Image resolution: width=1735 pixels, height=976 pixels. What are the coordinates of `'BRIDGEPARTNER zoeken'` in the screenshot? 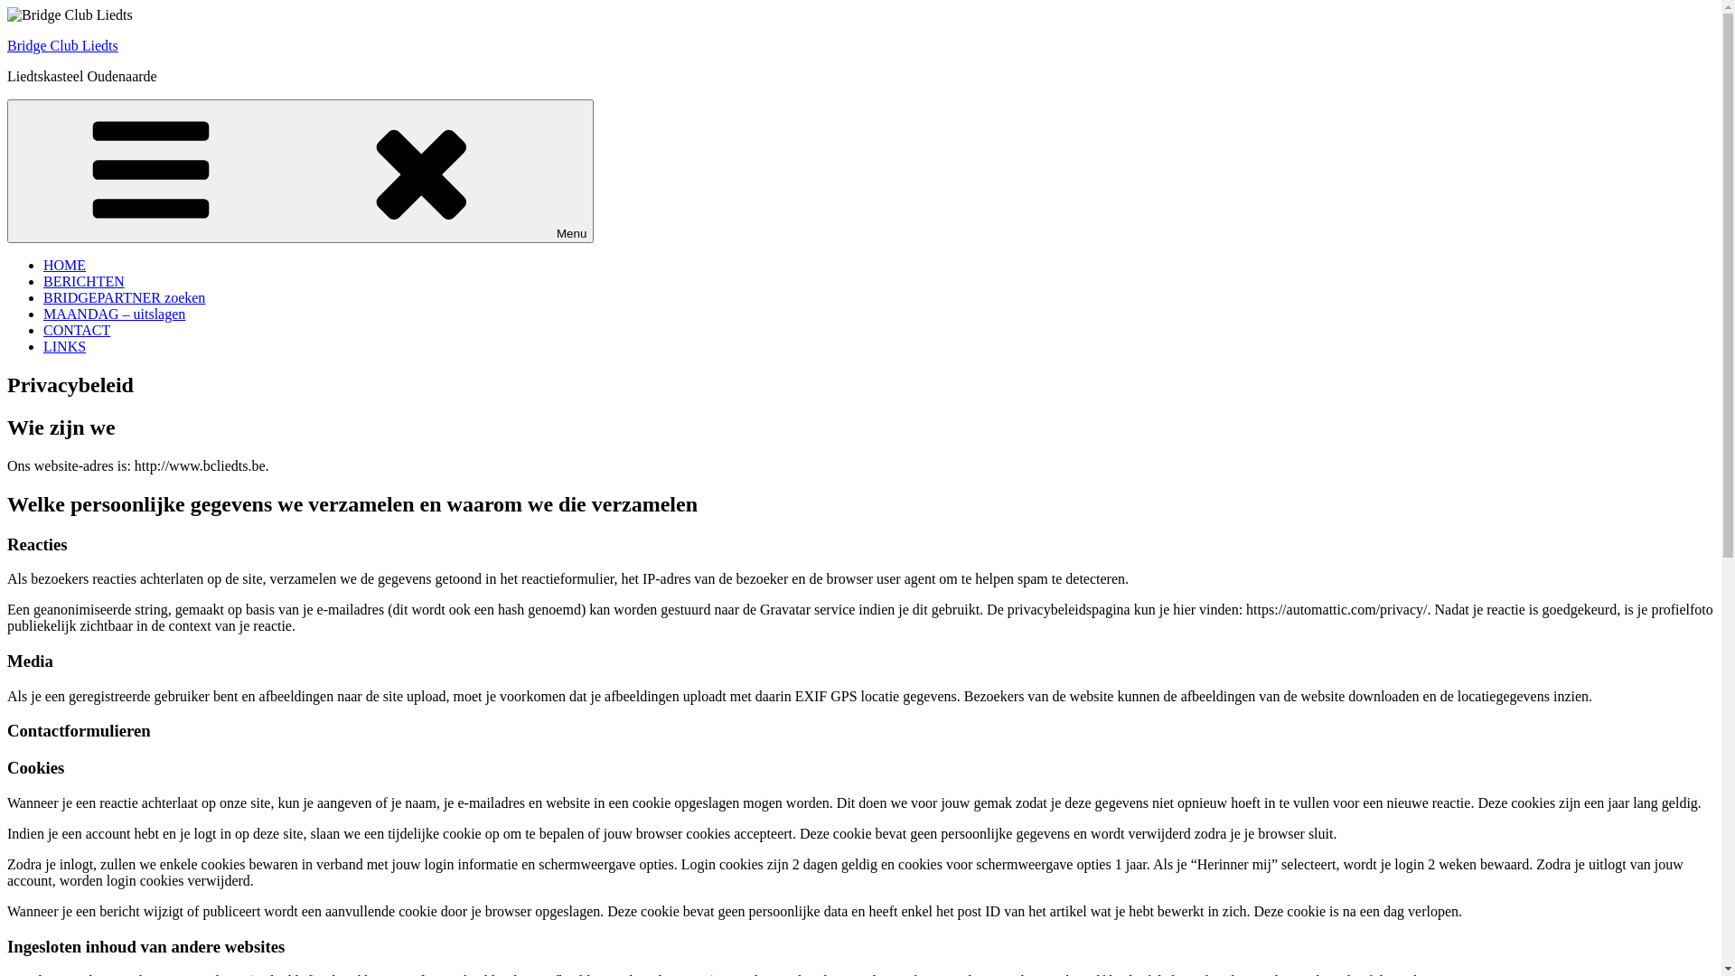 It's located at (43, 296).